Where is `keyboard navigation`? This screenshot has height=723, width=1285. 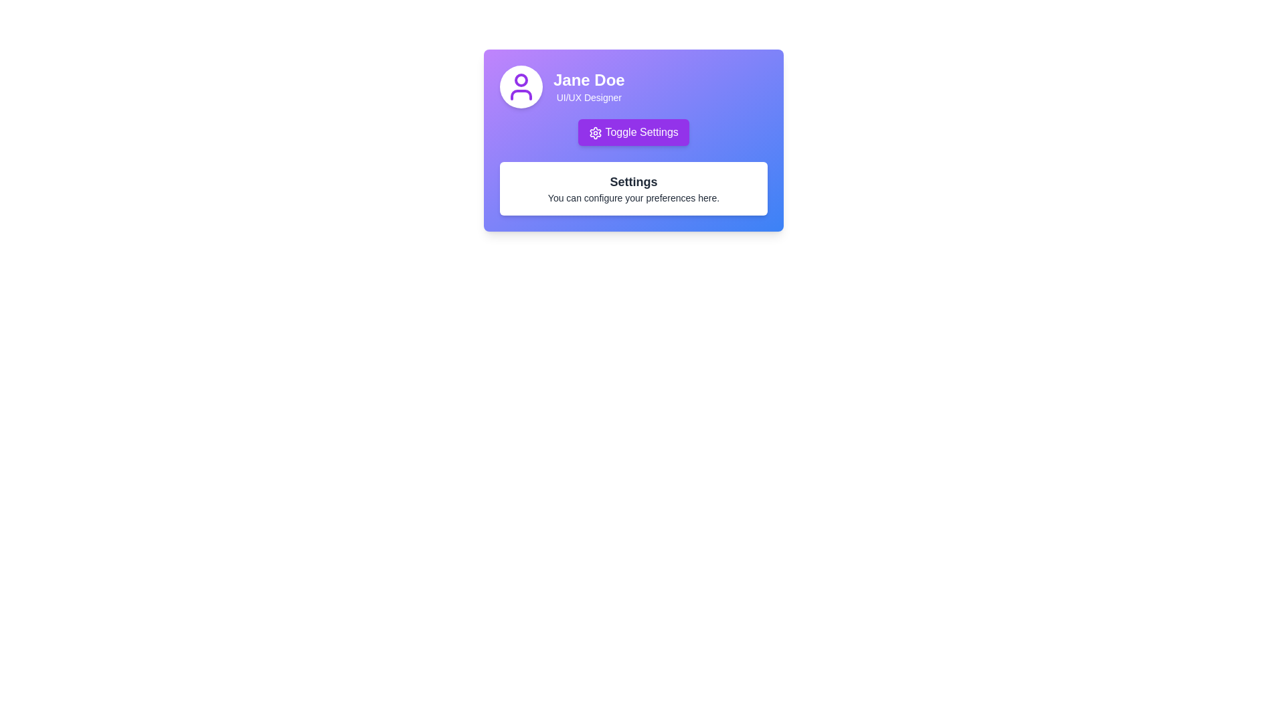
keyboard navigation is located at coordinates (632, 132).